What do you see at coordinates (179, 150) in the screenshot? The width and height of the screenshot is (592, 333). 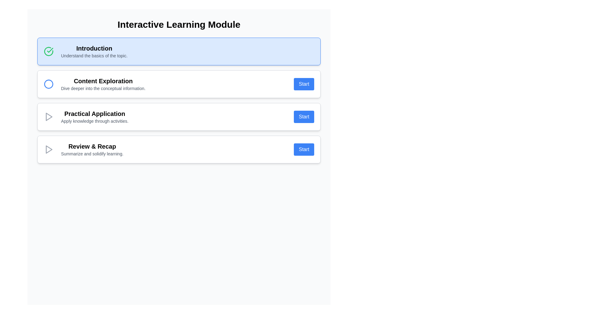 I see `the fourth card in the vertical list that provides an overview of the learning module to scale it slightly` at bounding box center [179, 150].